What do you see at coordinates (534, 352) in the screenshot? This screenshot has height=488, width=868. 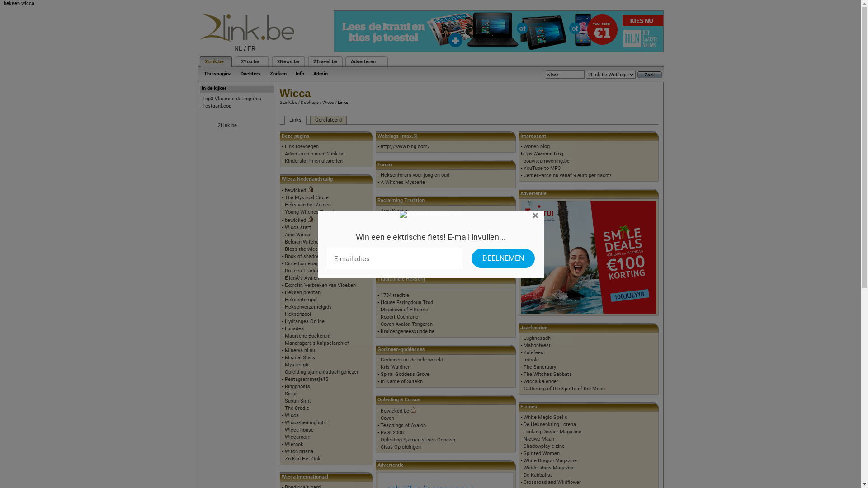 I see `'Yulefeest'` at bounding box center [534, 352].